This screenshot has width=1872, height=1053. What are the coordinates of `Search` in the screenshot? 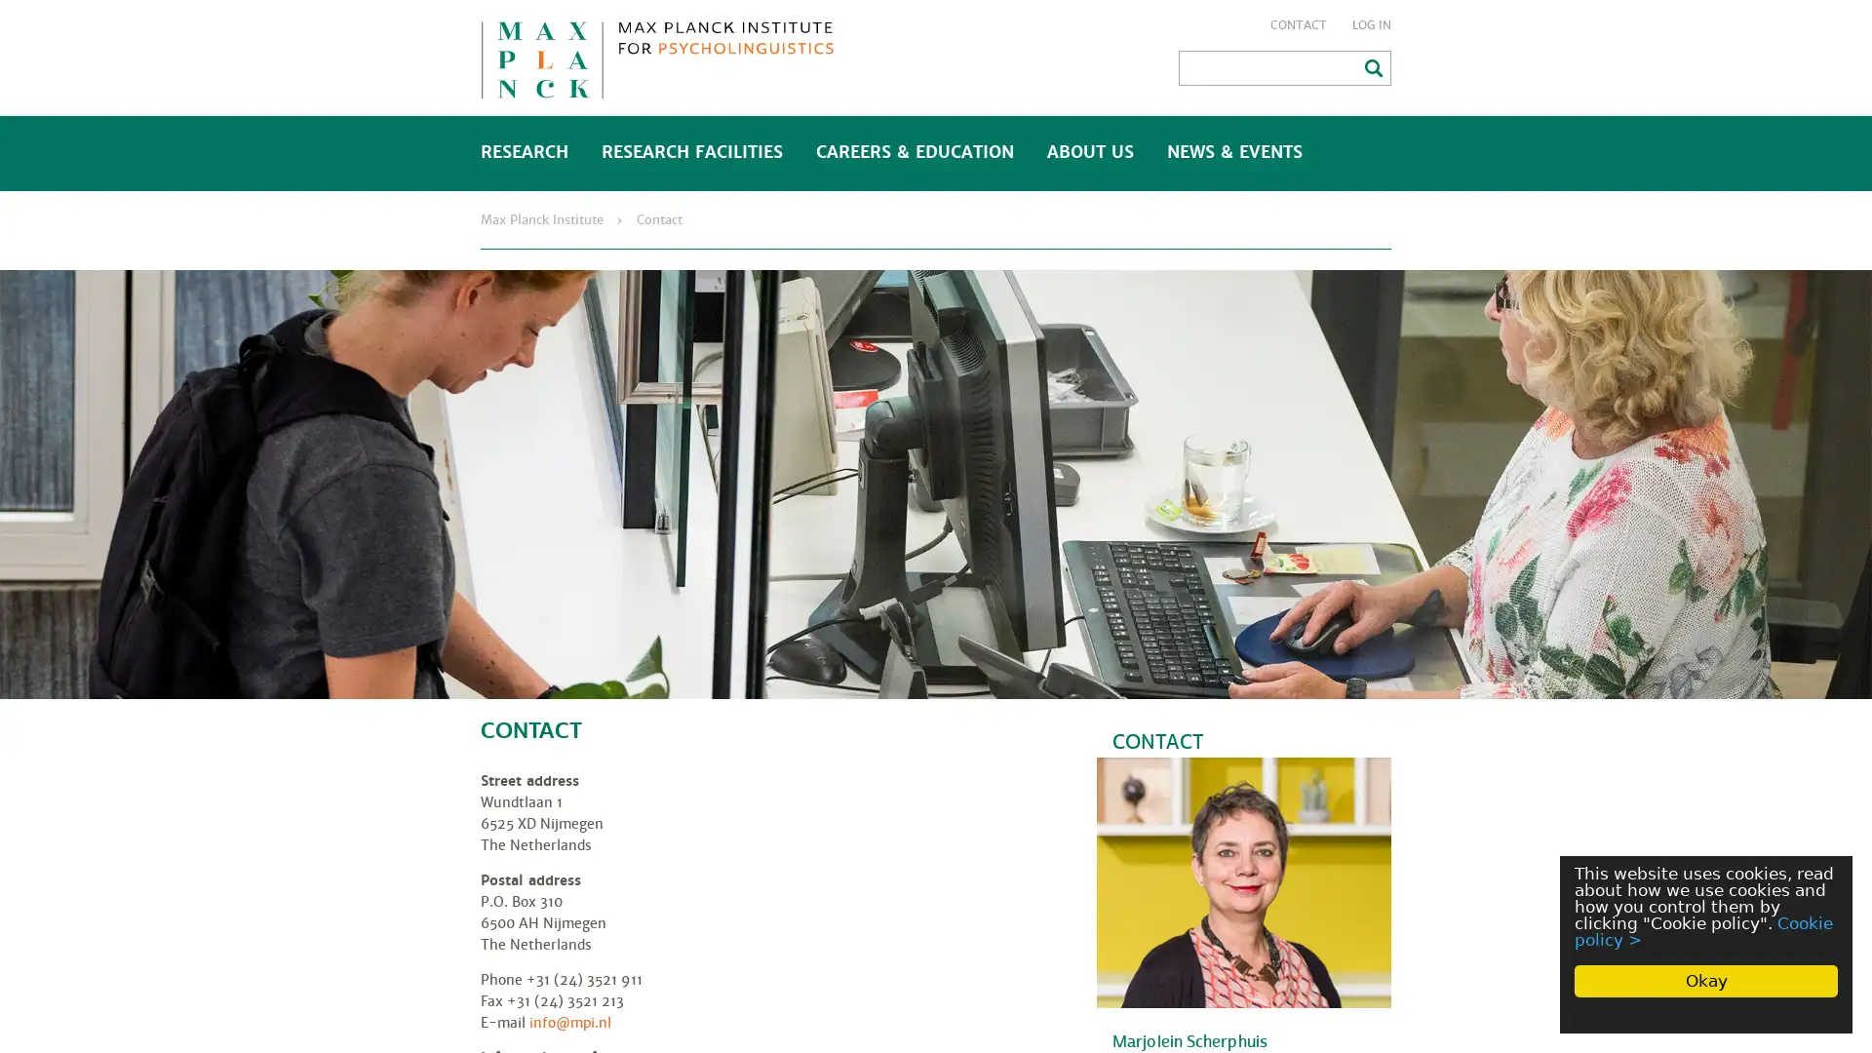 It's located at (1370, 66).